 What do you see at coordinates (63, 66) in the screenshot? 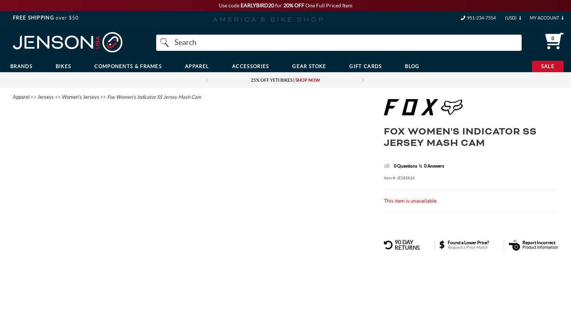
I see `'Bikes'` at bounding box center [63, 66].